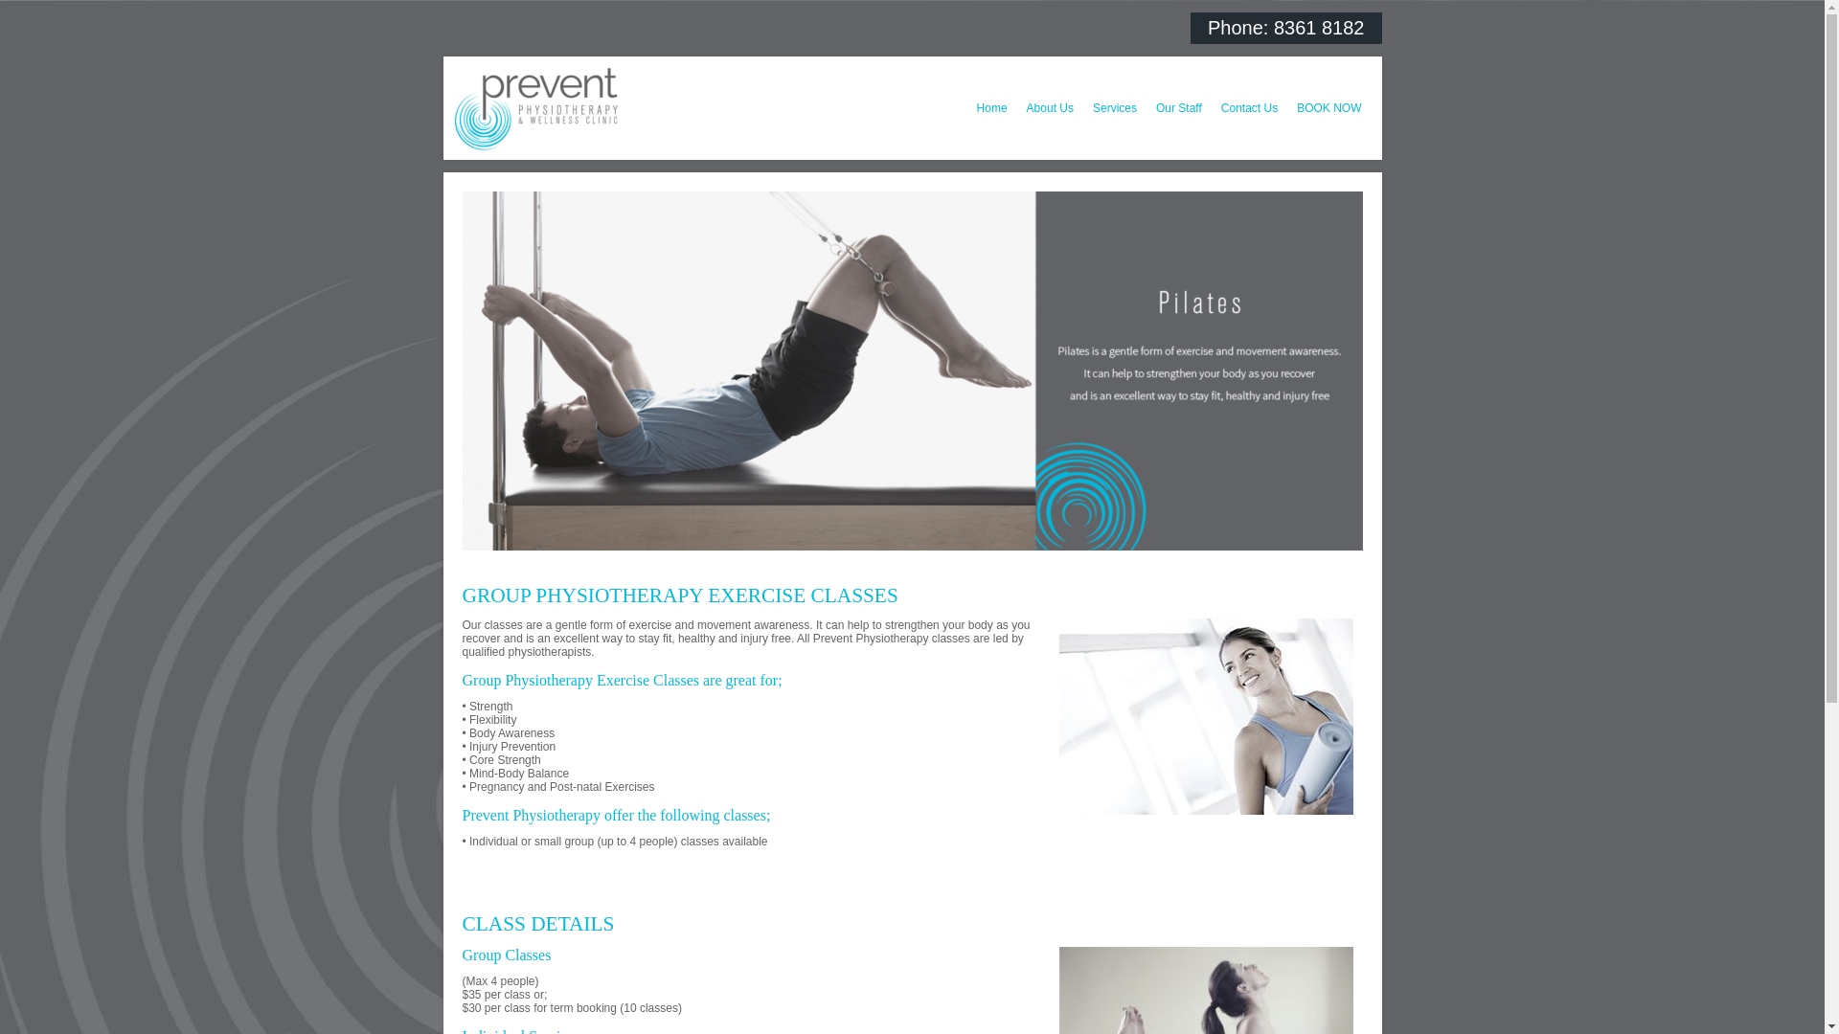 This screenshot has height=1034, width=1839. I want to click on 'BOOK NOW', so click(1328, 107).